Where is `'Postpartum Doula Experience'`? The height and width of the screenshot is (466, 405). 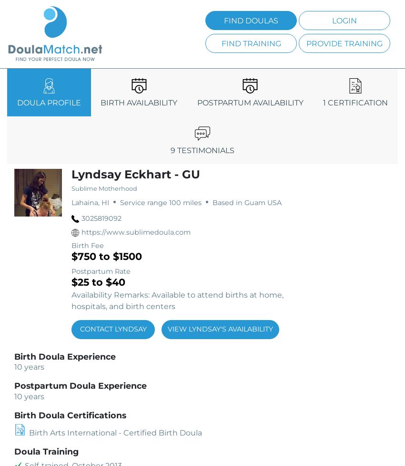
'Postpartum Doula Experience' is located at coordinates (80, 385).